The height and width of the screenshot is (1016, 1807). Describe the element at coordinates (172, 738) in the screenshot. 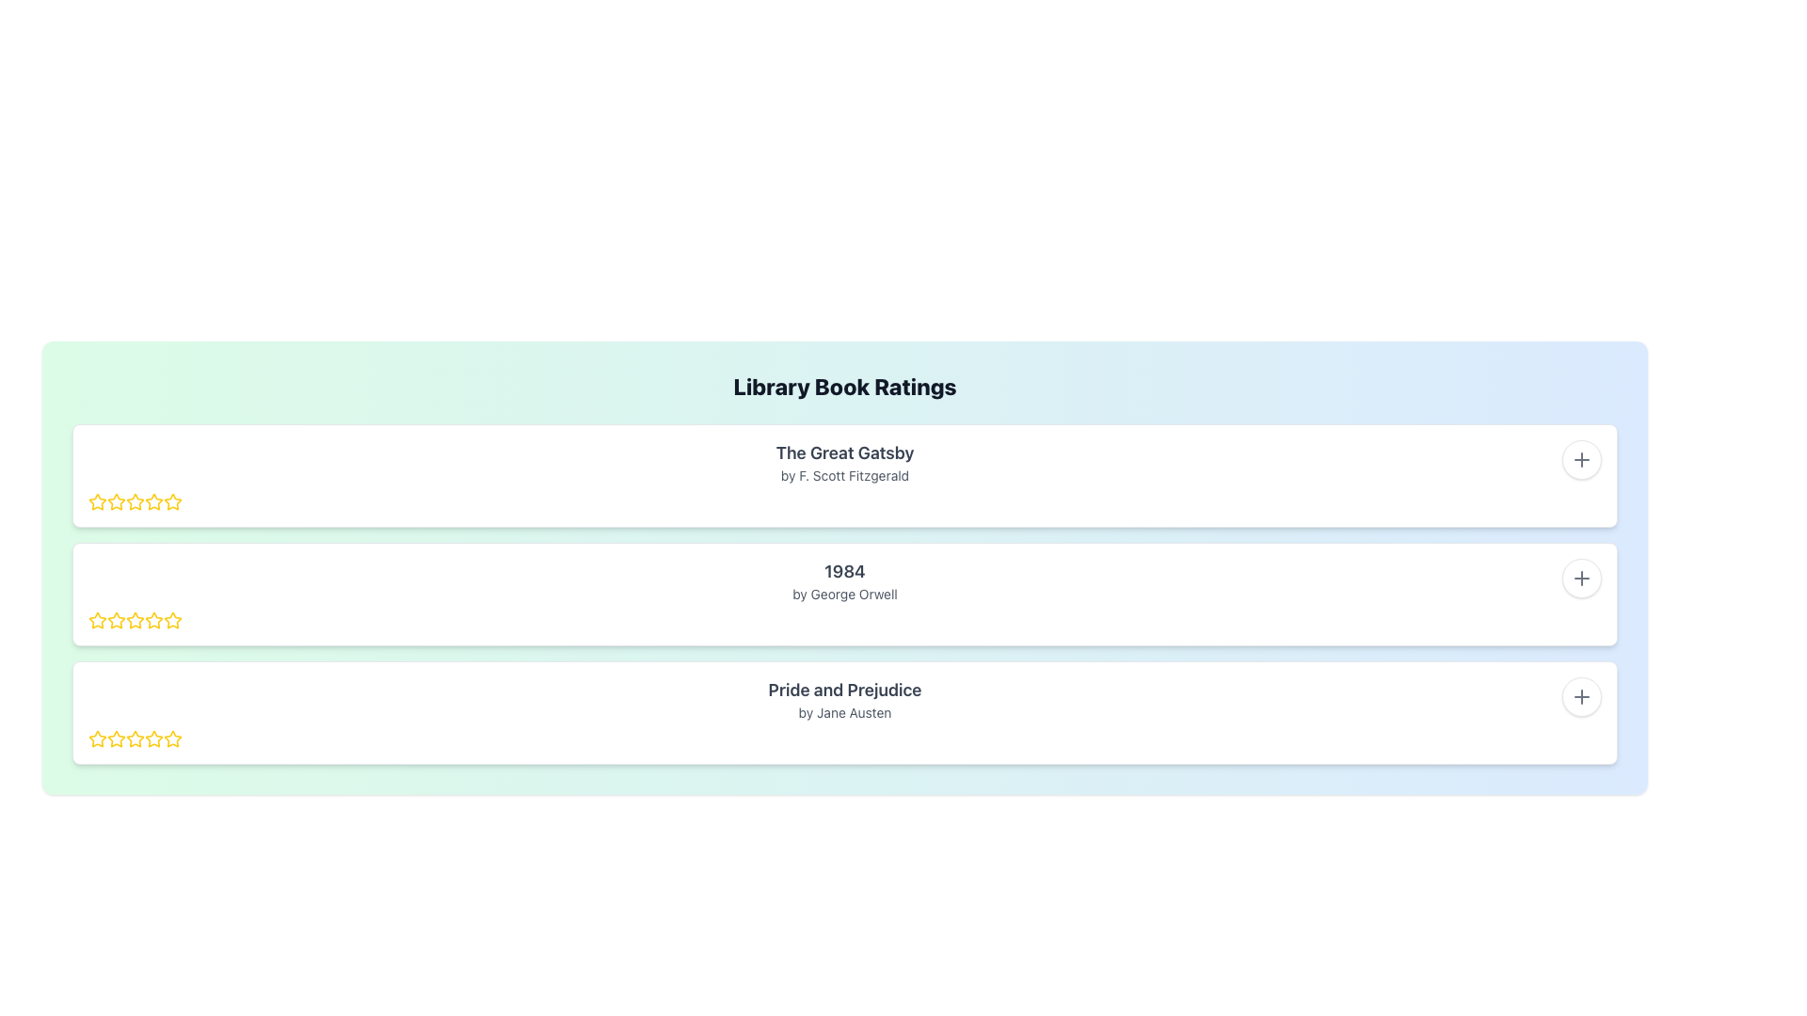

I see `the fourth star rating icon for the book 'Pride and Prejudice' by Jane Austen` at that location.